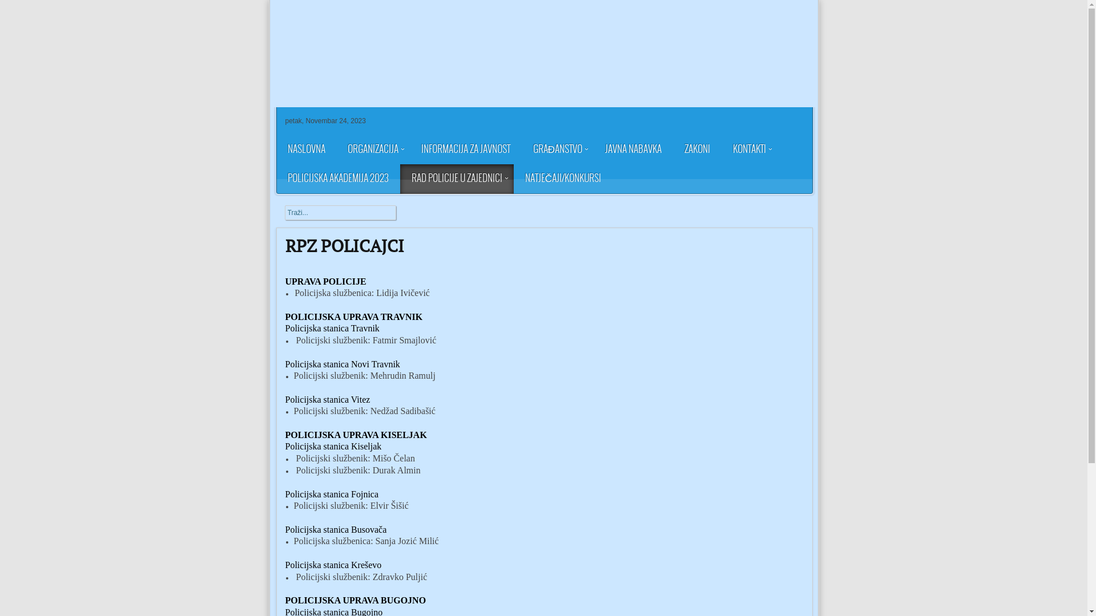 The width and height of the screenshot is (1096, 616). I want to click on 'Policijska stanica Vitez', so click(327, 399).